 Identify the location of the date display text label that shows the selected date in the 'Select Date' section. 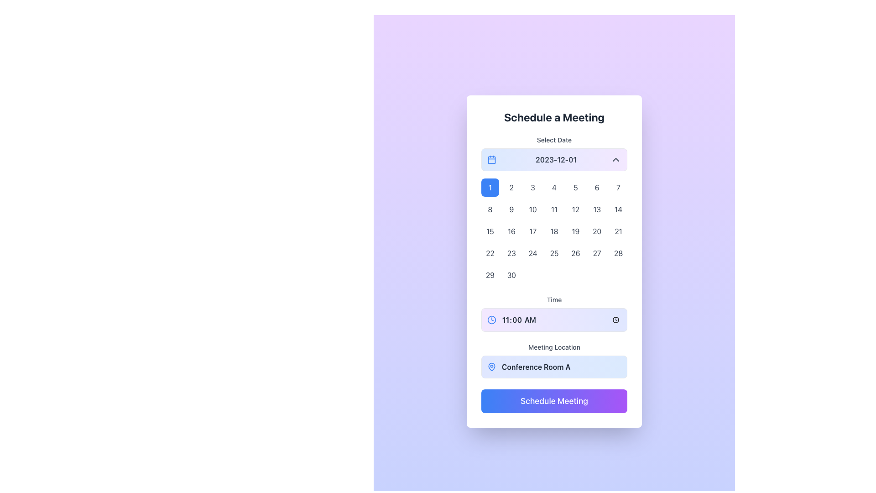
(556, 159).